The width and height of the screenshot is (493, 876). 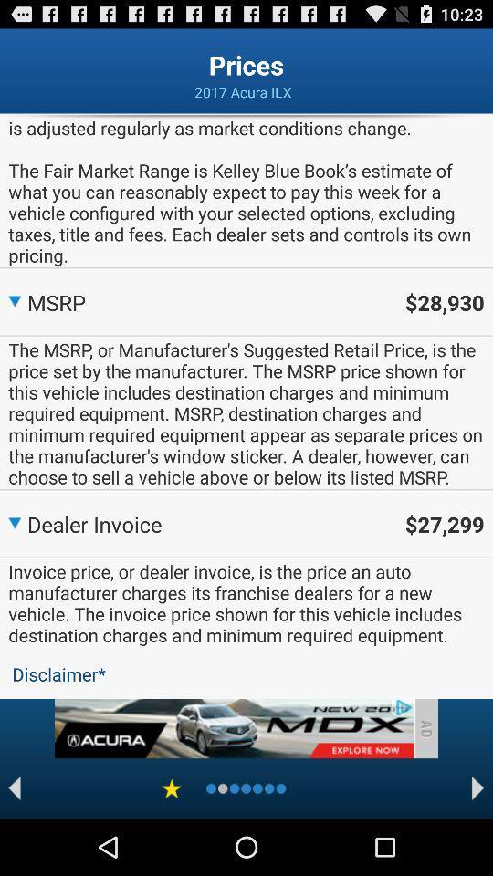 I want to click on go back, so click(x=14, y=787).